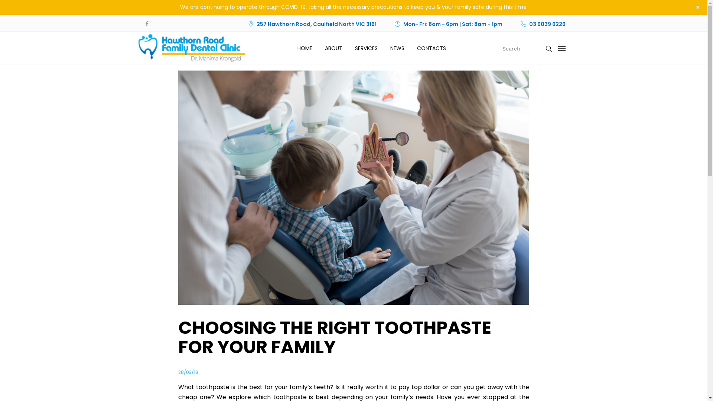  Describe the element at coordinates (354, 48) in the screenshot. I see `'SERVICES'` at that location.